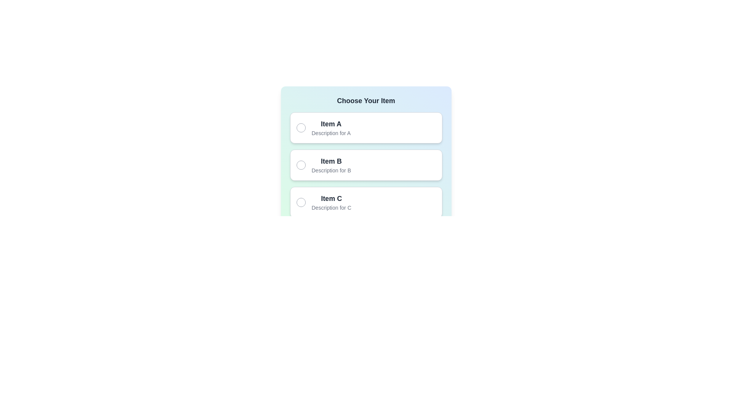 This screenshot has height=411, width=731. Describe the element at coordinates (331, 202) in the screenshot. I see `text of the element labeled 'Item C' which is above the smaller descriptive text 'Description for C', located in the third item of a vertically stacked list` at that location.